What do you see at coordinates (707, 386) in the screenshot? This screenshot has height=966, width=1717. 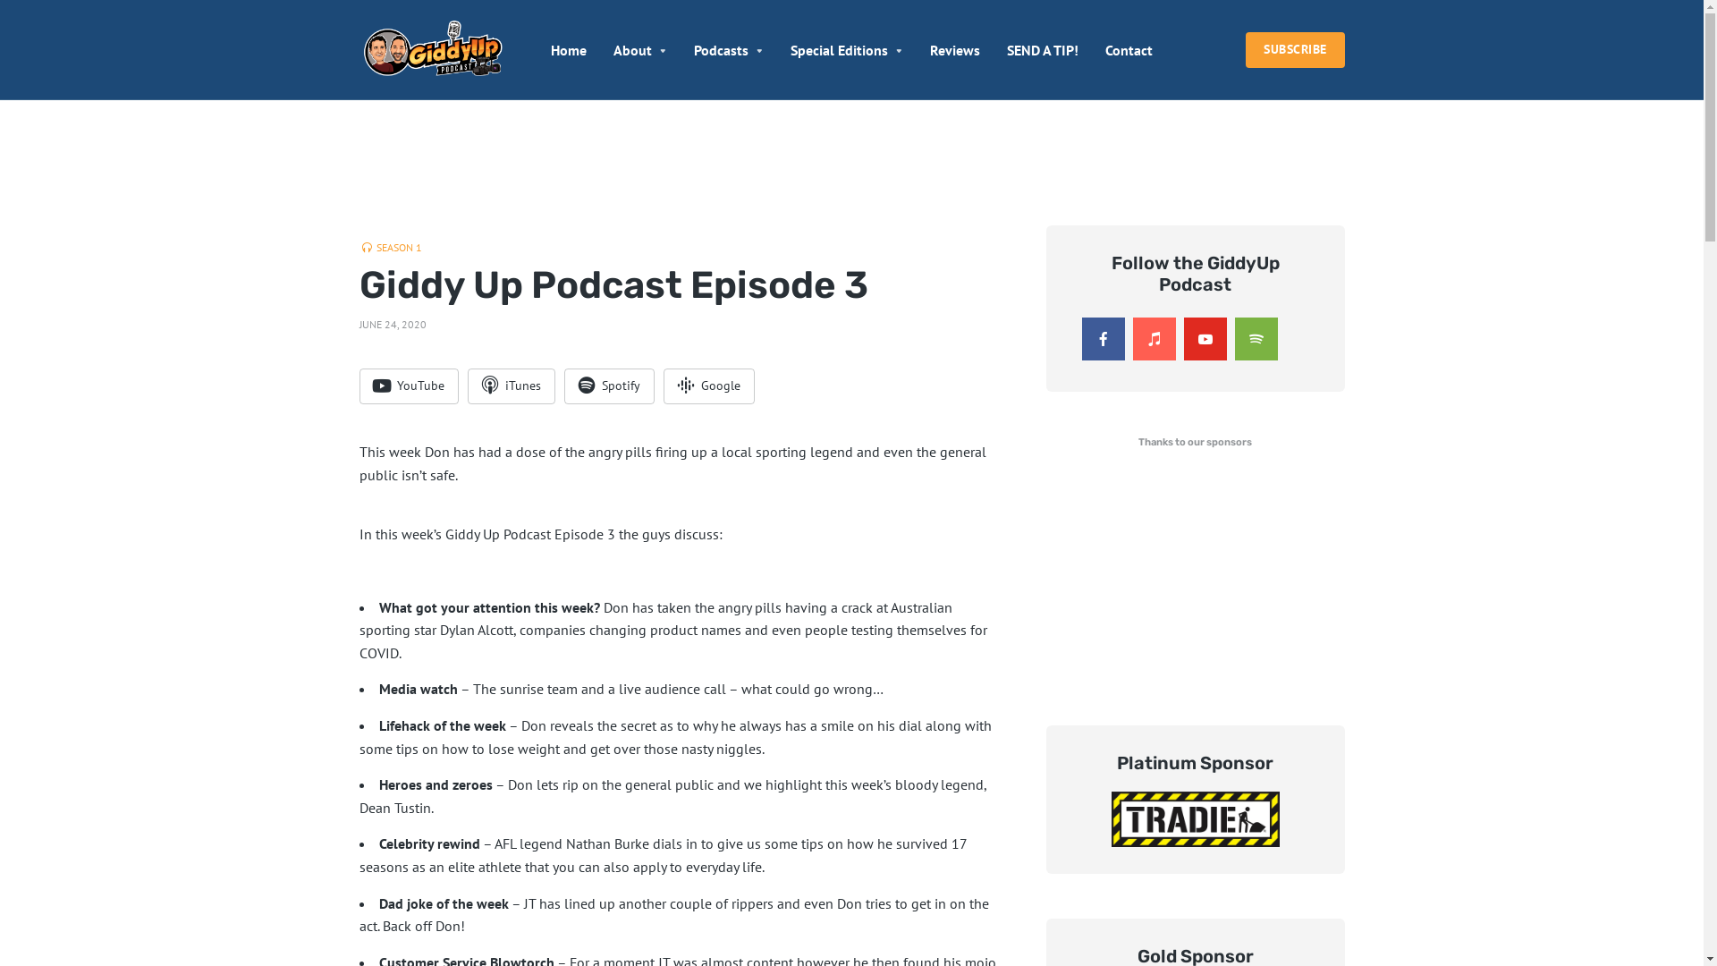 I see `'Google'` at bounding box center [707, 386].